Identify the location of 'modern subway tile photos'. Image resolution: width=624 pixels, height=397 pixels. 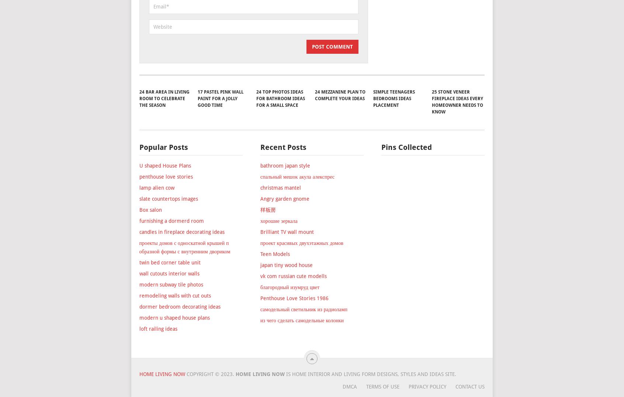
(170, 326).